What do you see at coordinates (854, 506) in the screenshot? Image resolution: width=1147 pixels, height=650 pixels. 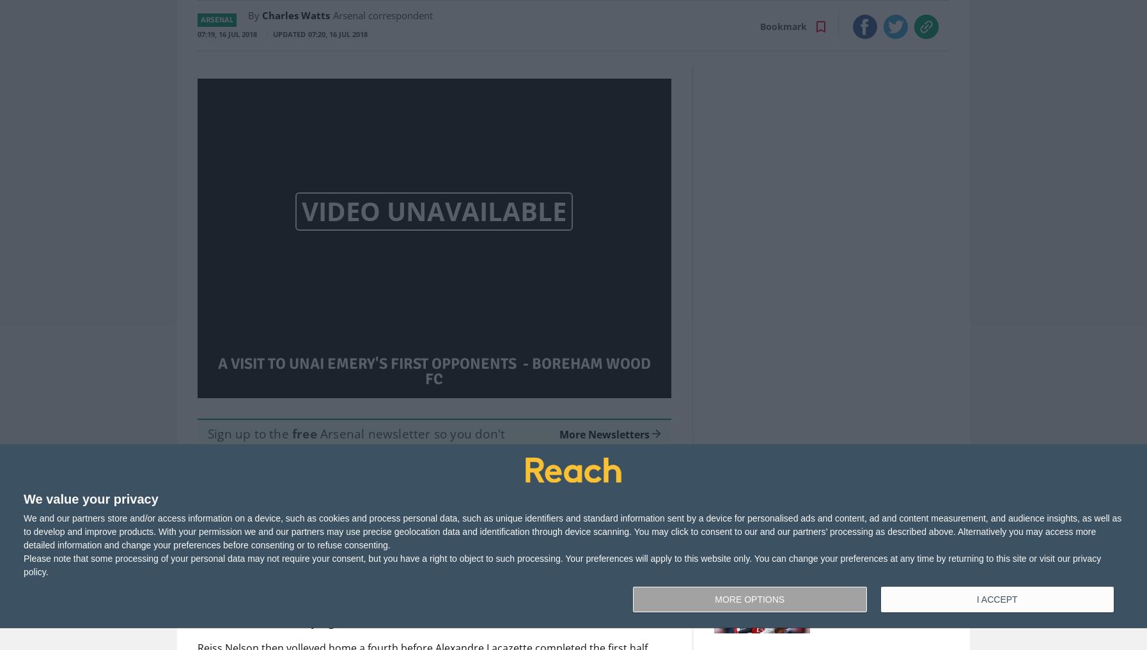 I see `'Arsenal face anxious Man City points deduction wait as timeline explained'` at bounding box center [854, 506].